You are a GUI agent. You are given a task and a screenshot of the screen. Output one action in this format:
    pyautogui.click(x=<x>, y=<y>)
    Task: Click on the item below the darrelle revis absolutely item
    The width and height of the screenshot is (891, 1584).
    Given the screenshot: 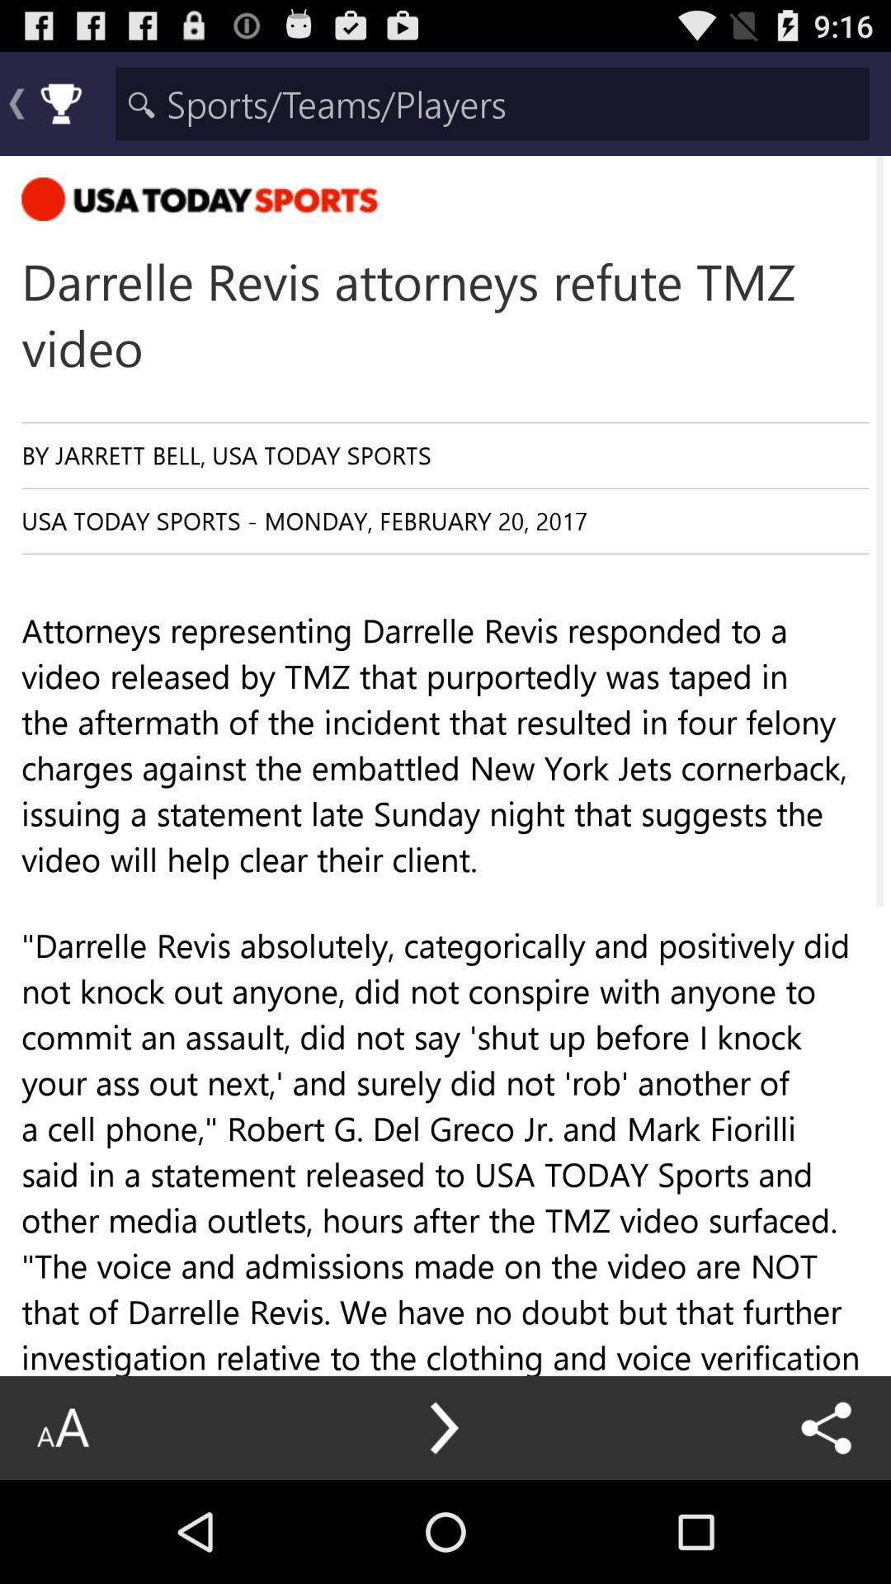 What is the action you would take?
    pyautogui.click(x=445, y=1474)
    